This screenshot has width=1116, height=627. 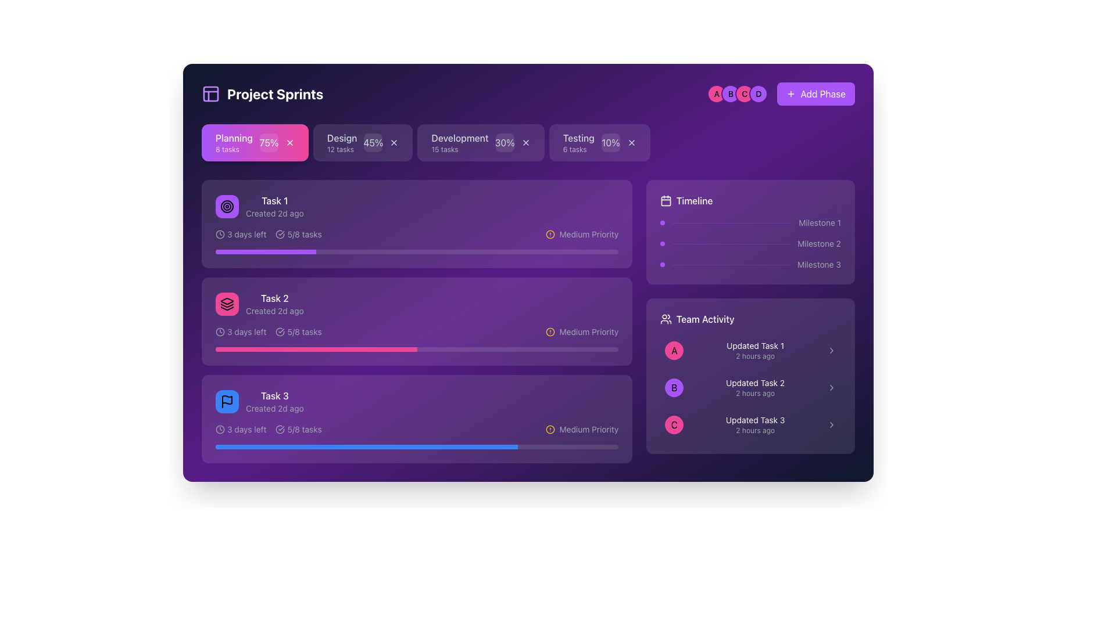 I want to click on the avatar or badge located in the left-most part of the team activity section, aligned with the entry labeled 'Updated Task 1, 2 hours ago', so click(x=674, y=350).